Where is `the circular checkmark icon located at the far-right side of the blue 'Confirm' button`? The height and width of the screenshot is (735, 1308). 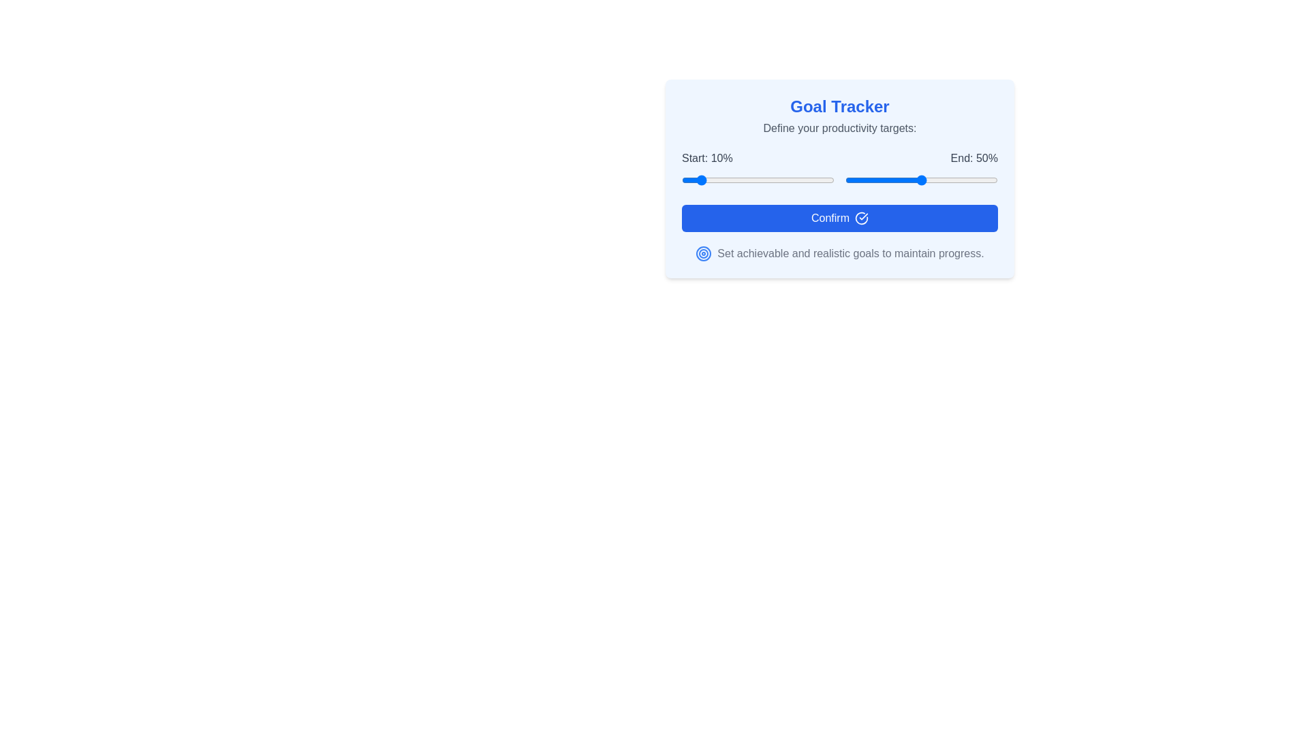
the circular checkmark icon located at the far-right side of the blue 'Confirm' button is located at coordinates (861, 217).